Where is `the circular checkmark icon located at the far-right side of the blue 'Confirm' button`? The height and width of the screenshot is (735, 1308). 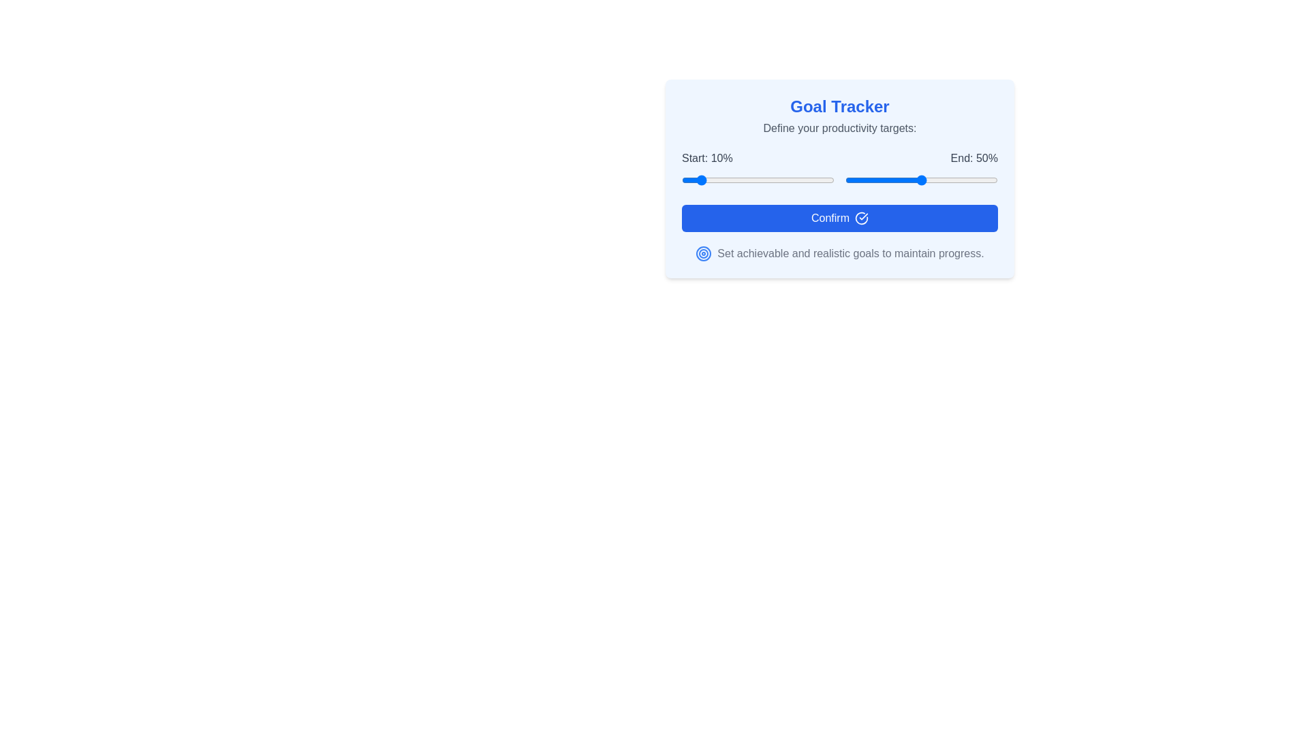
the circular checkmark icon located at the far-right side of the blue 'Confirm' button is located at coordinates (861, 217).